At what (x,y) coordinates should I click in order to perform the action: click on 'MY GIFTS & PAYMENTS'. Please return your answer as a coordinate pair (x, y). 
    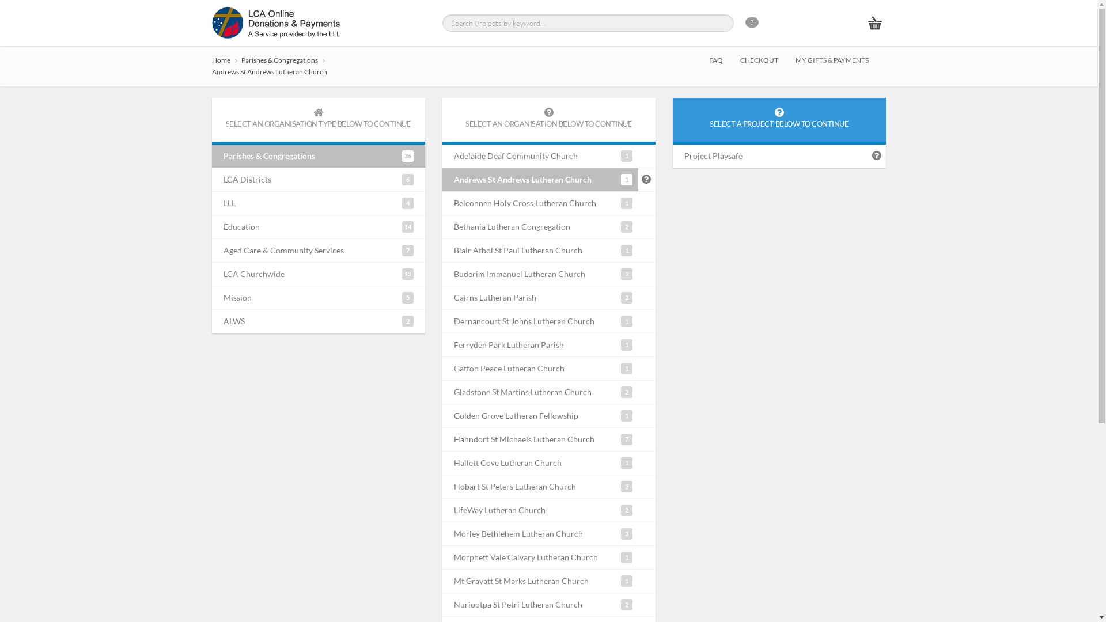
    Looking at the image, I should click on (794, 60).